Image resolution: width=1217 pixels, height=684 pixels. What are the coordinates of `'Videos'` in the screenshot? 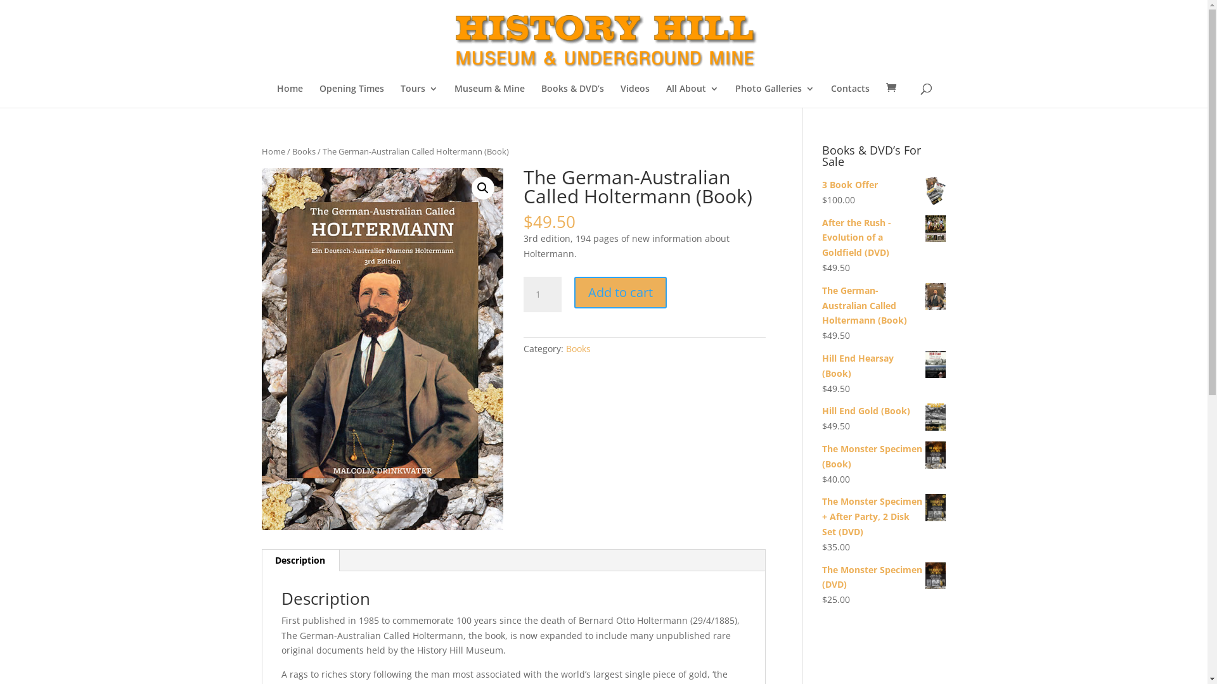 It's located at (621, 95).